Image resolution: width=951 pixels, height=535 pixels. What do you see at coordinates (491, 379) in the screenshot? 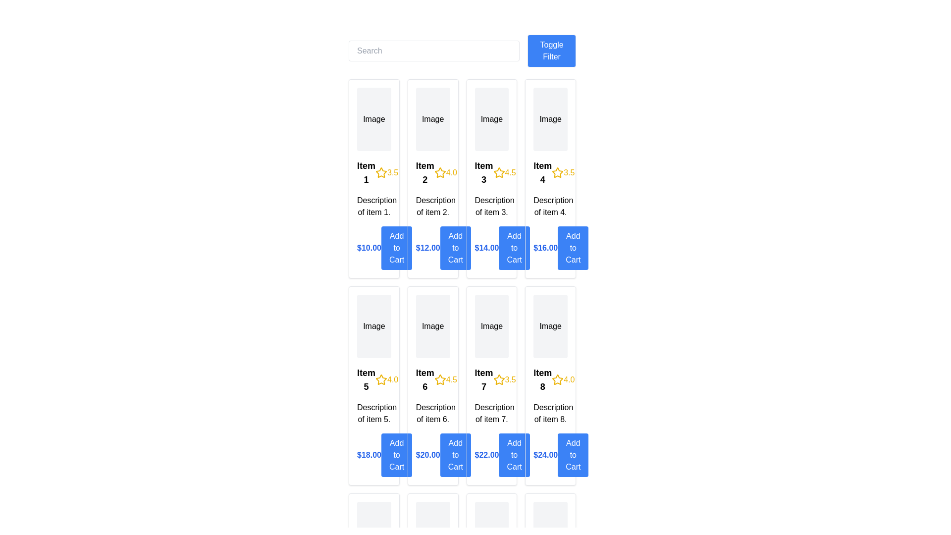
I see `the Text with graphical element (title and rating) displaying 'Item 7' and a rating of '3.5' in bold font, which is located in the second row, third column of the grid layout` at bounding box center [491, 379].